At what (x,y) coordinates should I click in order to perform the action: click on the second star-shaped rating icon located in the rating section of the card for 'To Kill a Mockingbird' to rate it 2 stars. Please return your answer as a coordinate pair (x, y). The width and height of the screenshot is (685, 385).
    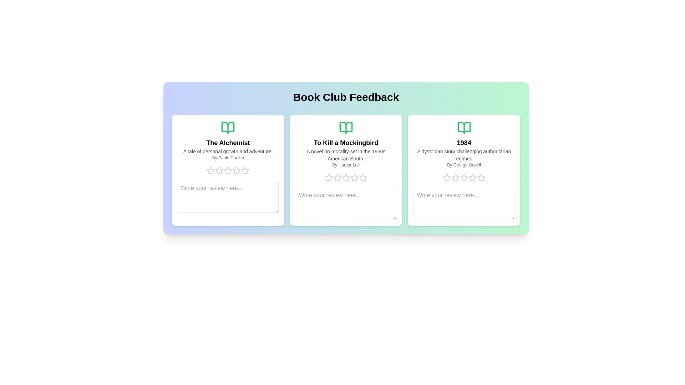
    Looking at the image, I should click on (346, 177).